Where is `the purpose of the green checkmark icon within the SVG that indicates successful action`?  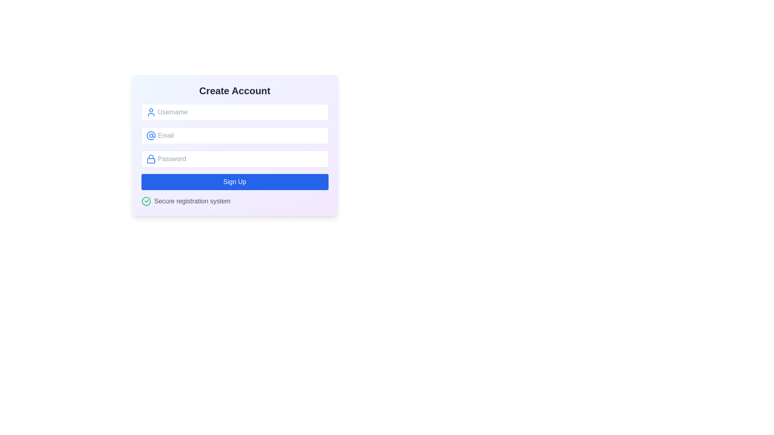
the purpose of the green checkmark icon within the SVG that indicates successful action is located at coordinates (147, 200).